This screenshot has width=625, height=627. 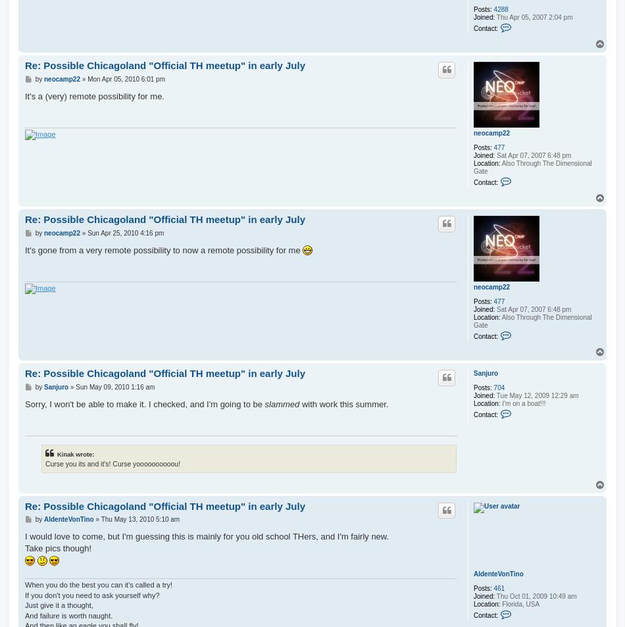 What do you see at coordinates (126, 78) in the screenshot?
I see `'Mon Apr 05, 2010 6:01 pm'` at bounding box center [126, 78].